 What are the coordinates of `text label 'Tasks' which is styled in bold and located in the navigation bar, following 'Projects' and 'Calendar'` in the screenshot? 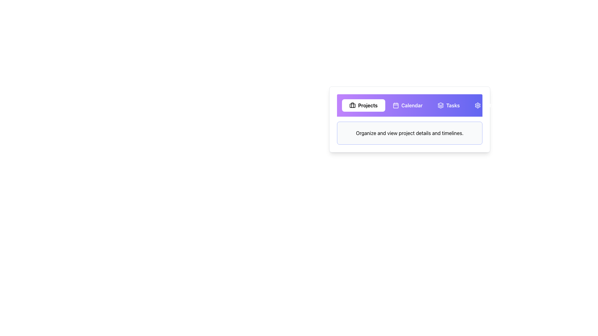 It's located at (453, 105).